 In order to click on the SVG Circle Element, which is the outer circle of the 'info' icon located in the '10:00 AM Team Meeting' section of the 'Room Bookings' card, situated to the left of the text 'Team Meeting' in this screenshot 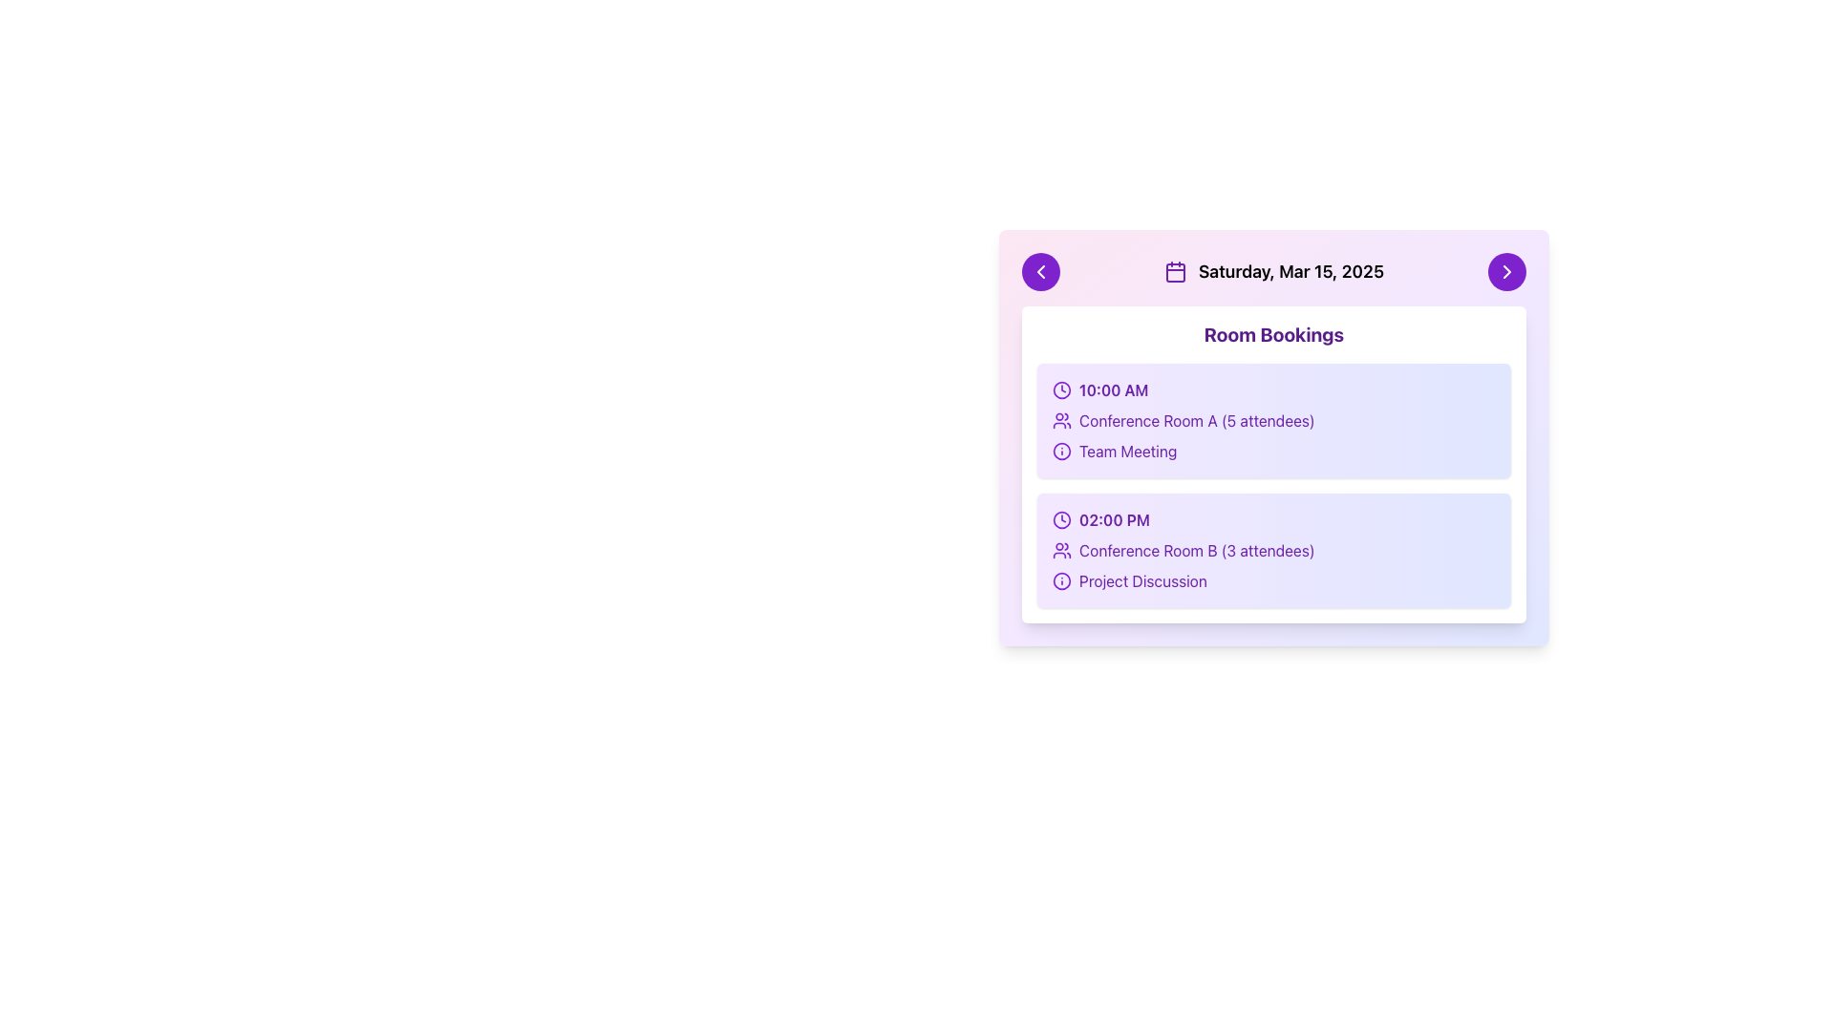, I will do `click(1061, 452)`.